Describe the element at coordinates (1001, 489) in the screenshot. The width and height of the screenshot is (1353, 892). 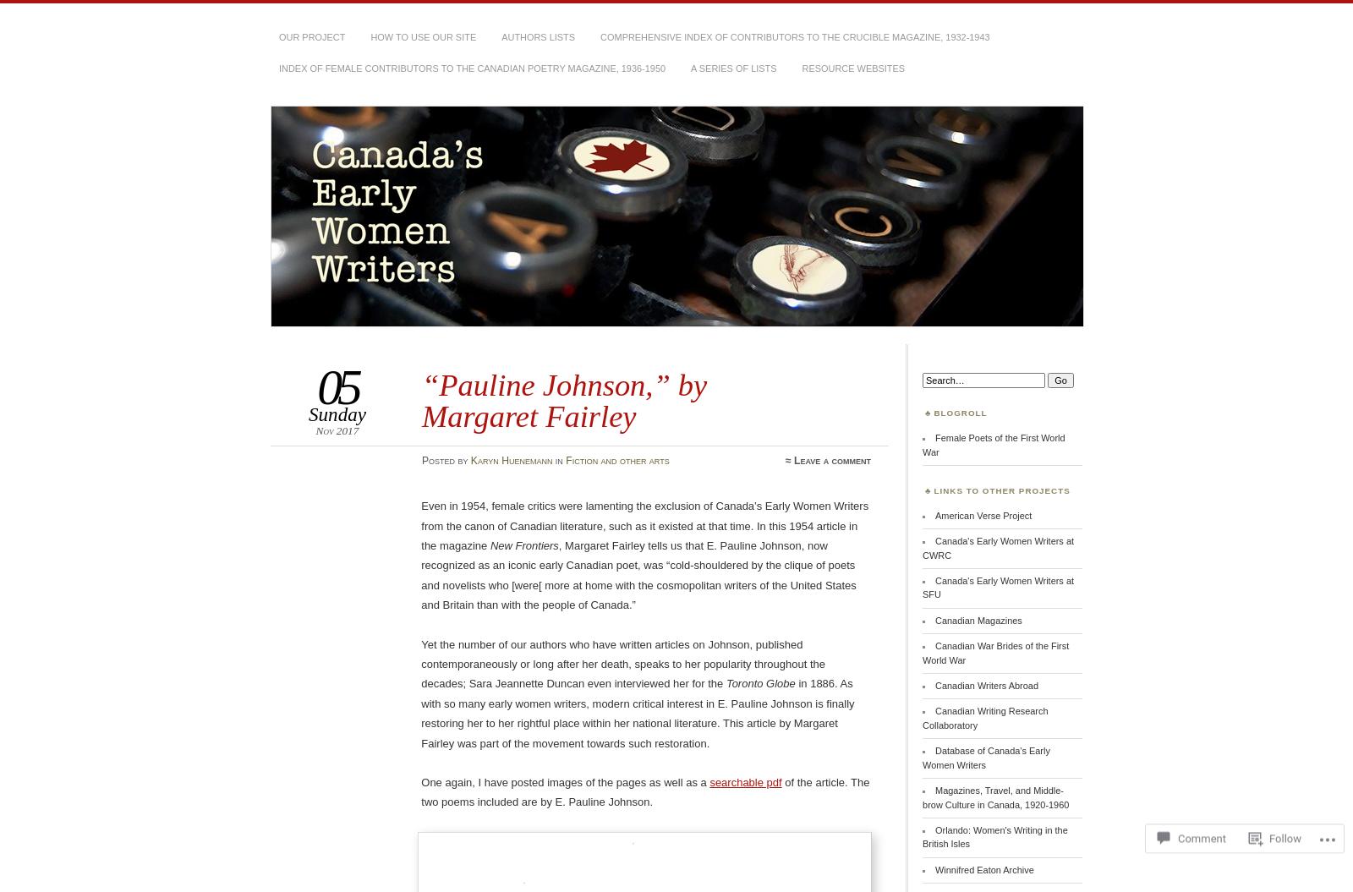
I see `'Links to other projects'` at that location.